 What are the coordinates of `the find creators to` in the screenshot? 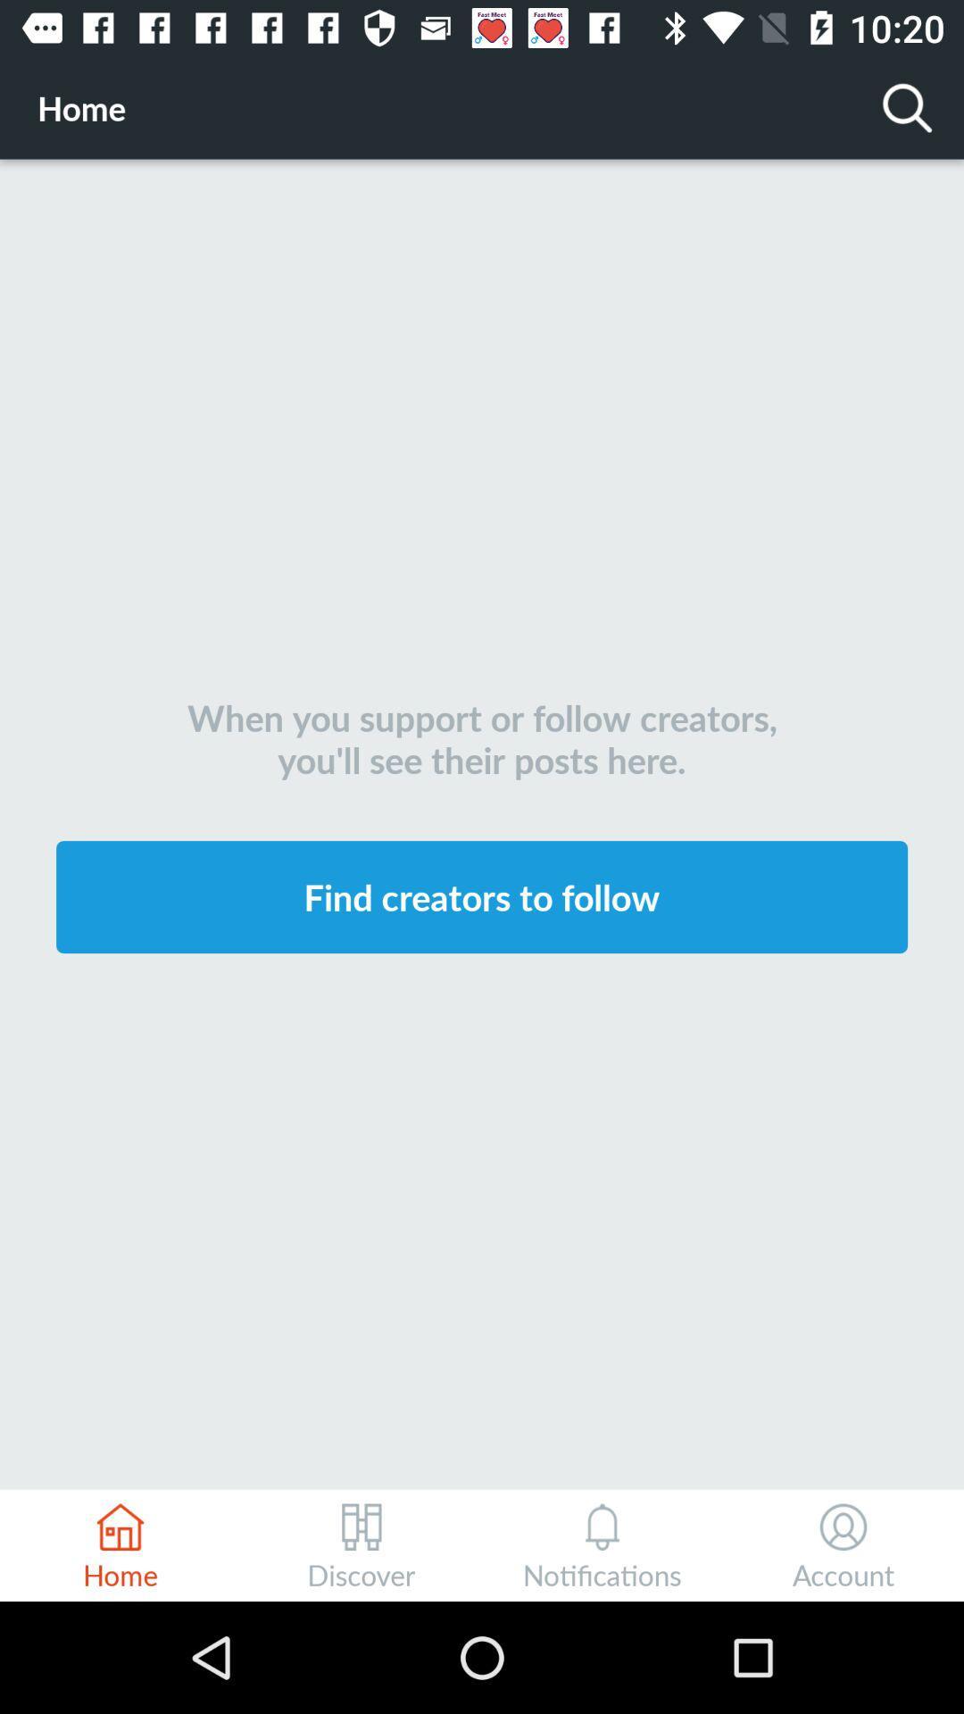 It's located at (482, 896).